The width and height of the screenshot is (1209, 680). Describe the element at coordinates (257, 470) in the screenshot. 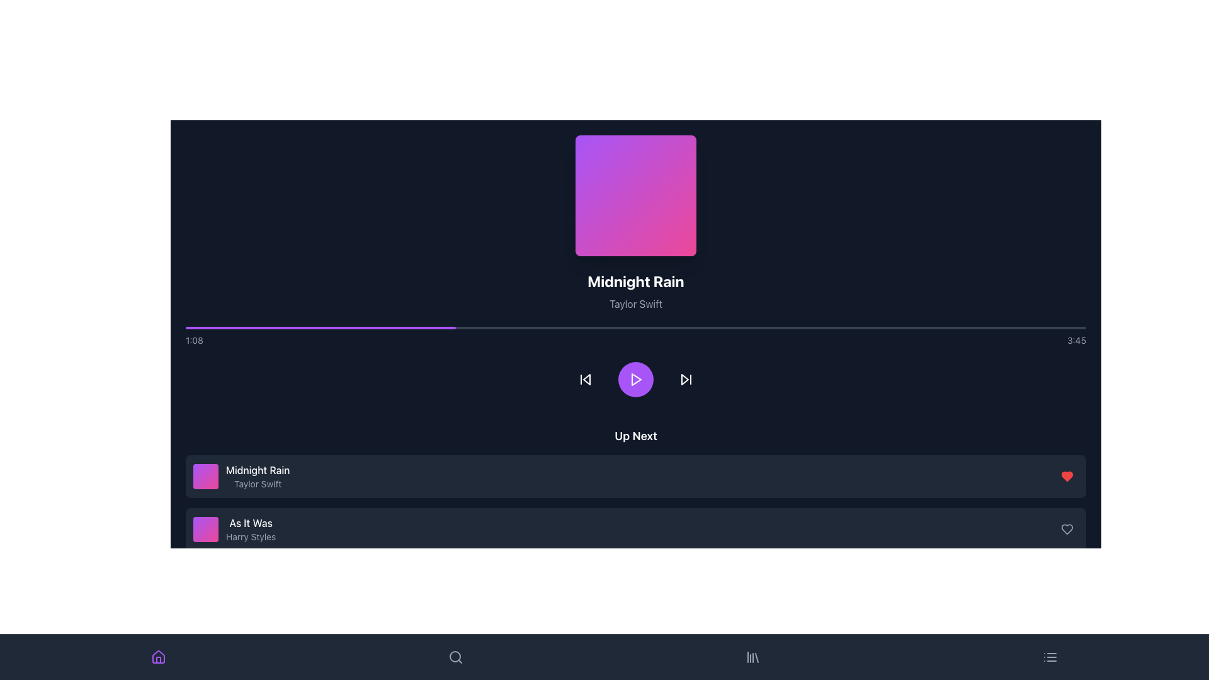

I see `the static text label displaying 'Midnight Rain', which is styled in white text on a dark background and is positioned above the artist label 'Taylor Swift' in the 'Up Next' playlist section` at that location.